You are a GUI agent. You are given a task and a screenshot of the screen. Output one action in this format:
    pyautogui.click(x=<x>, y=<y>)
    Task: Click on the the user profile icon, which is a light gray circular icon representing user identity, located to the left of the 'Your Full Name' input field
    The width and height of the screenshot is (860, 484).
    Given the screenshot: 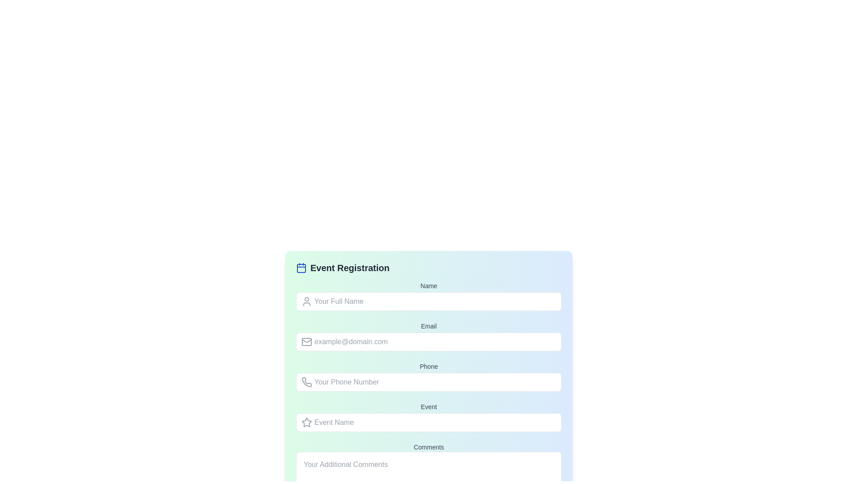 What is the action you would take?
    pyautogui.click(x=307, y=301)
    